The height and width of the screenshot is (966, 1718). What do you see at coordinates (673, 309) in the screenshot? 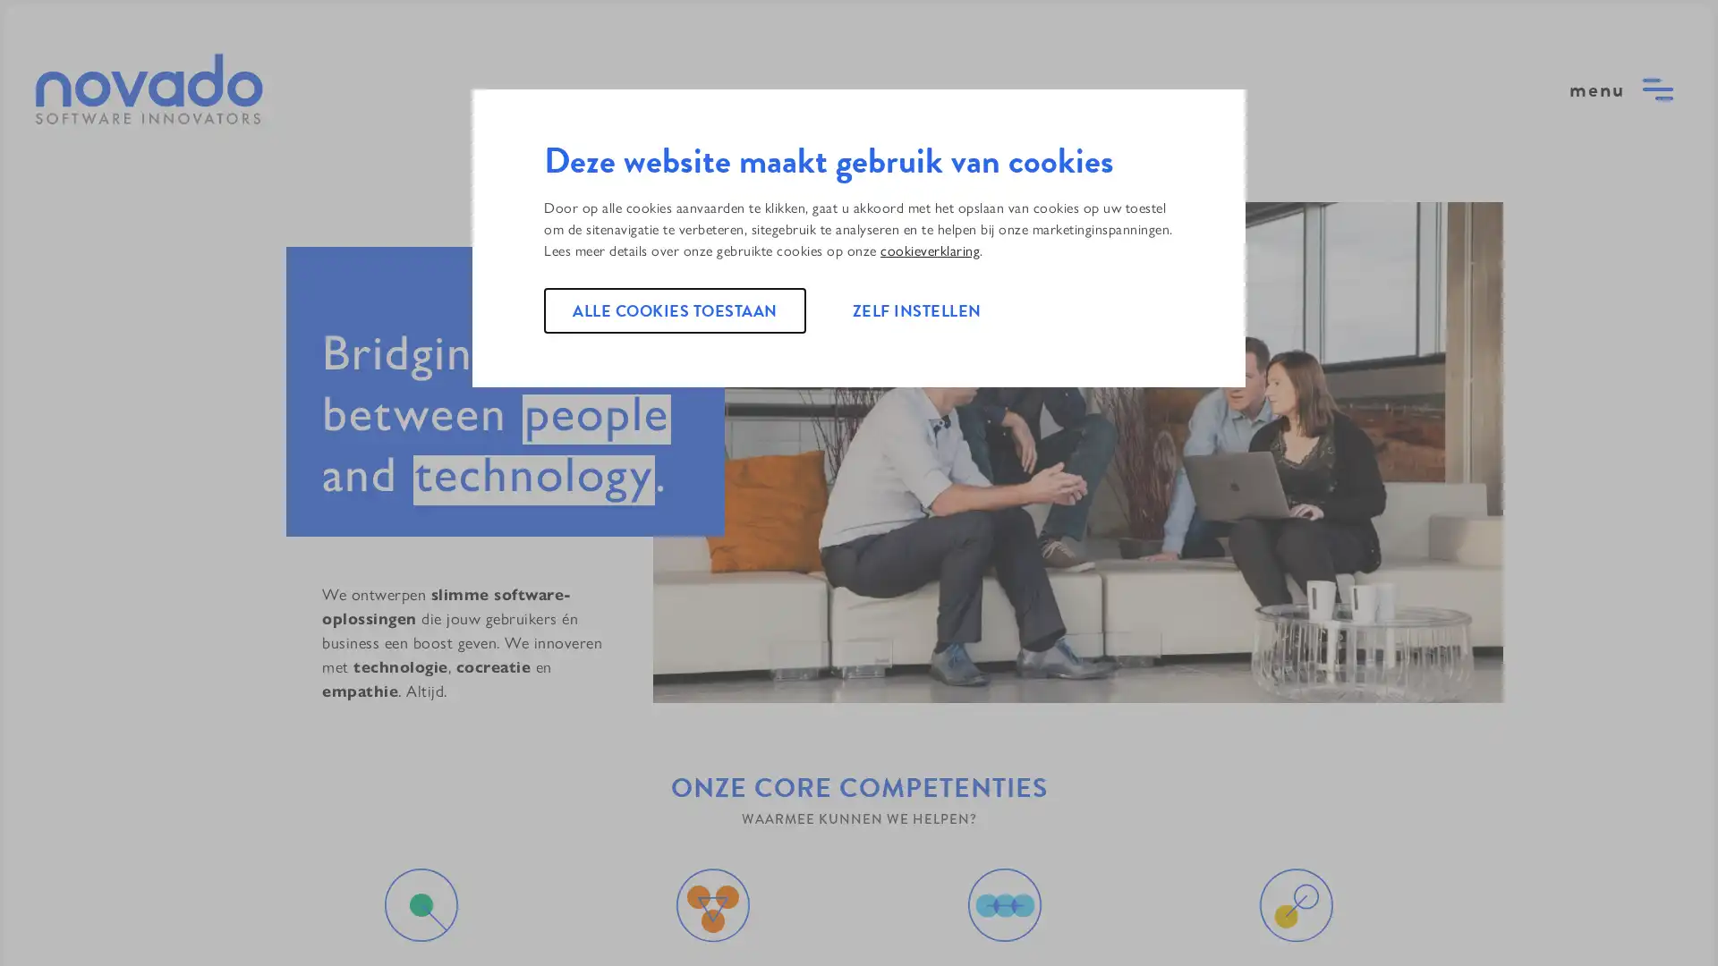
I see `ALLE COOKIES TOESTAAN` at bounding box center [673, 309].